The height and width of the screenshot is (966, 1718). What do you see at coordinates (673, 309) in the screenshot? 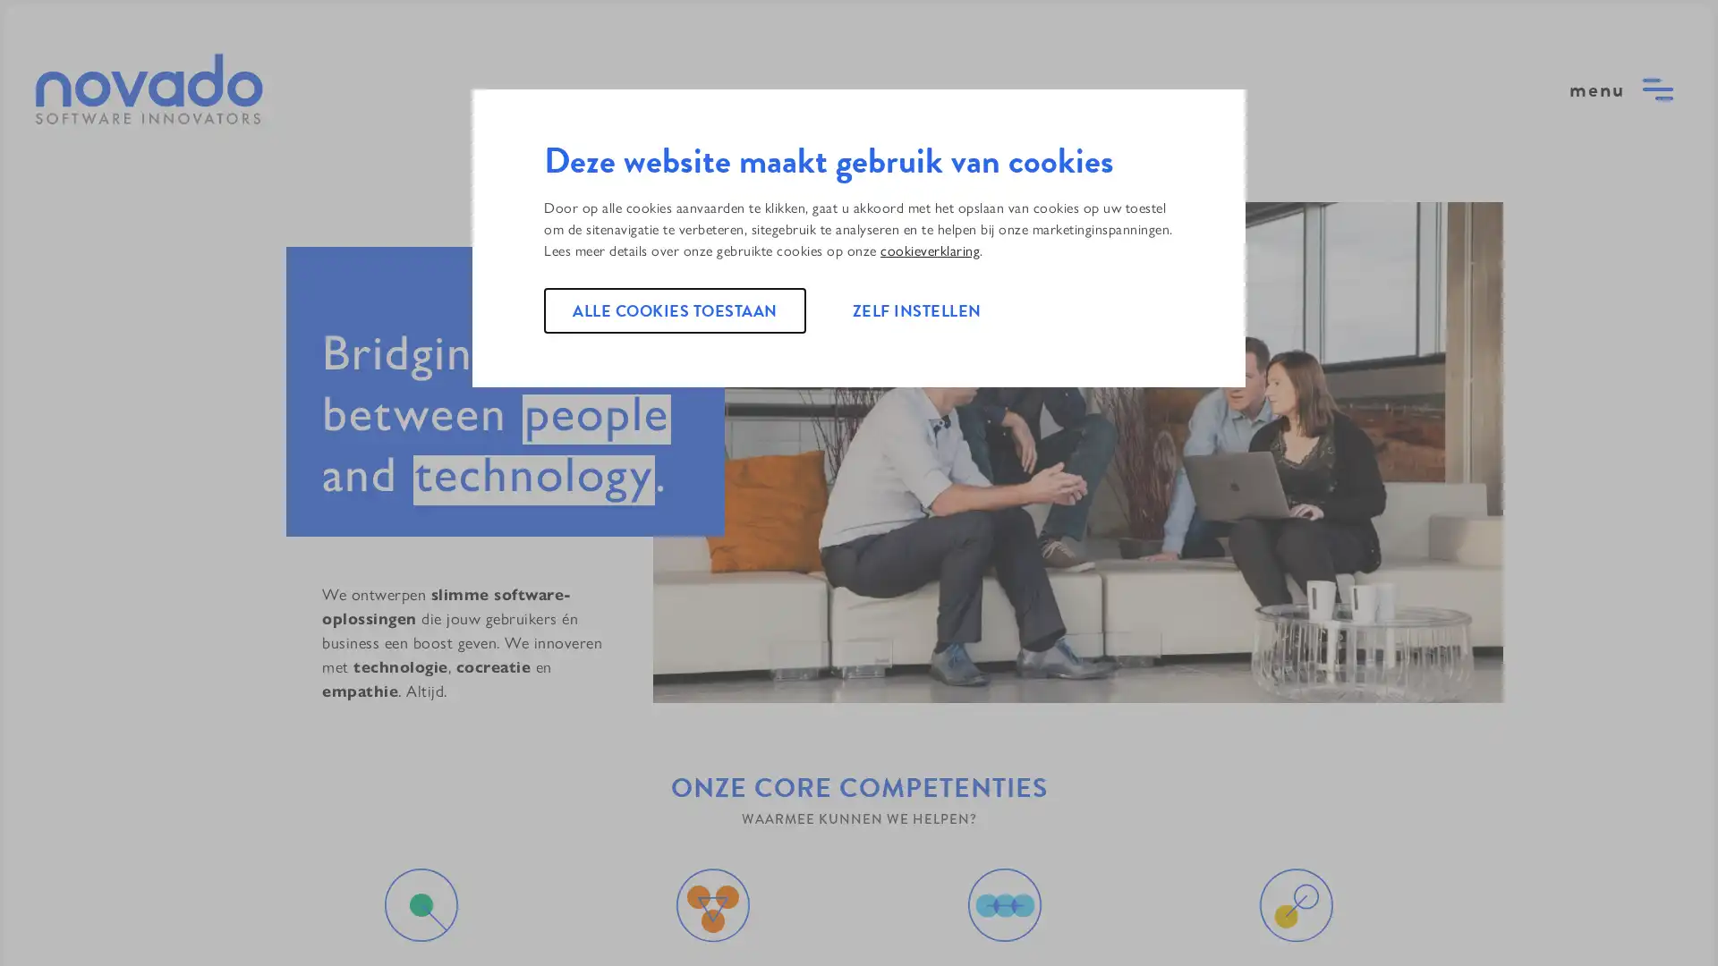
I see `ALLE COOKIES TOESTAAN` at bounding box center [673, 309].